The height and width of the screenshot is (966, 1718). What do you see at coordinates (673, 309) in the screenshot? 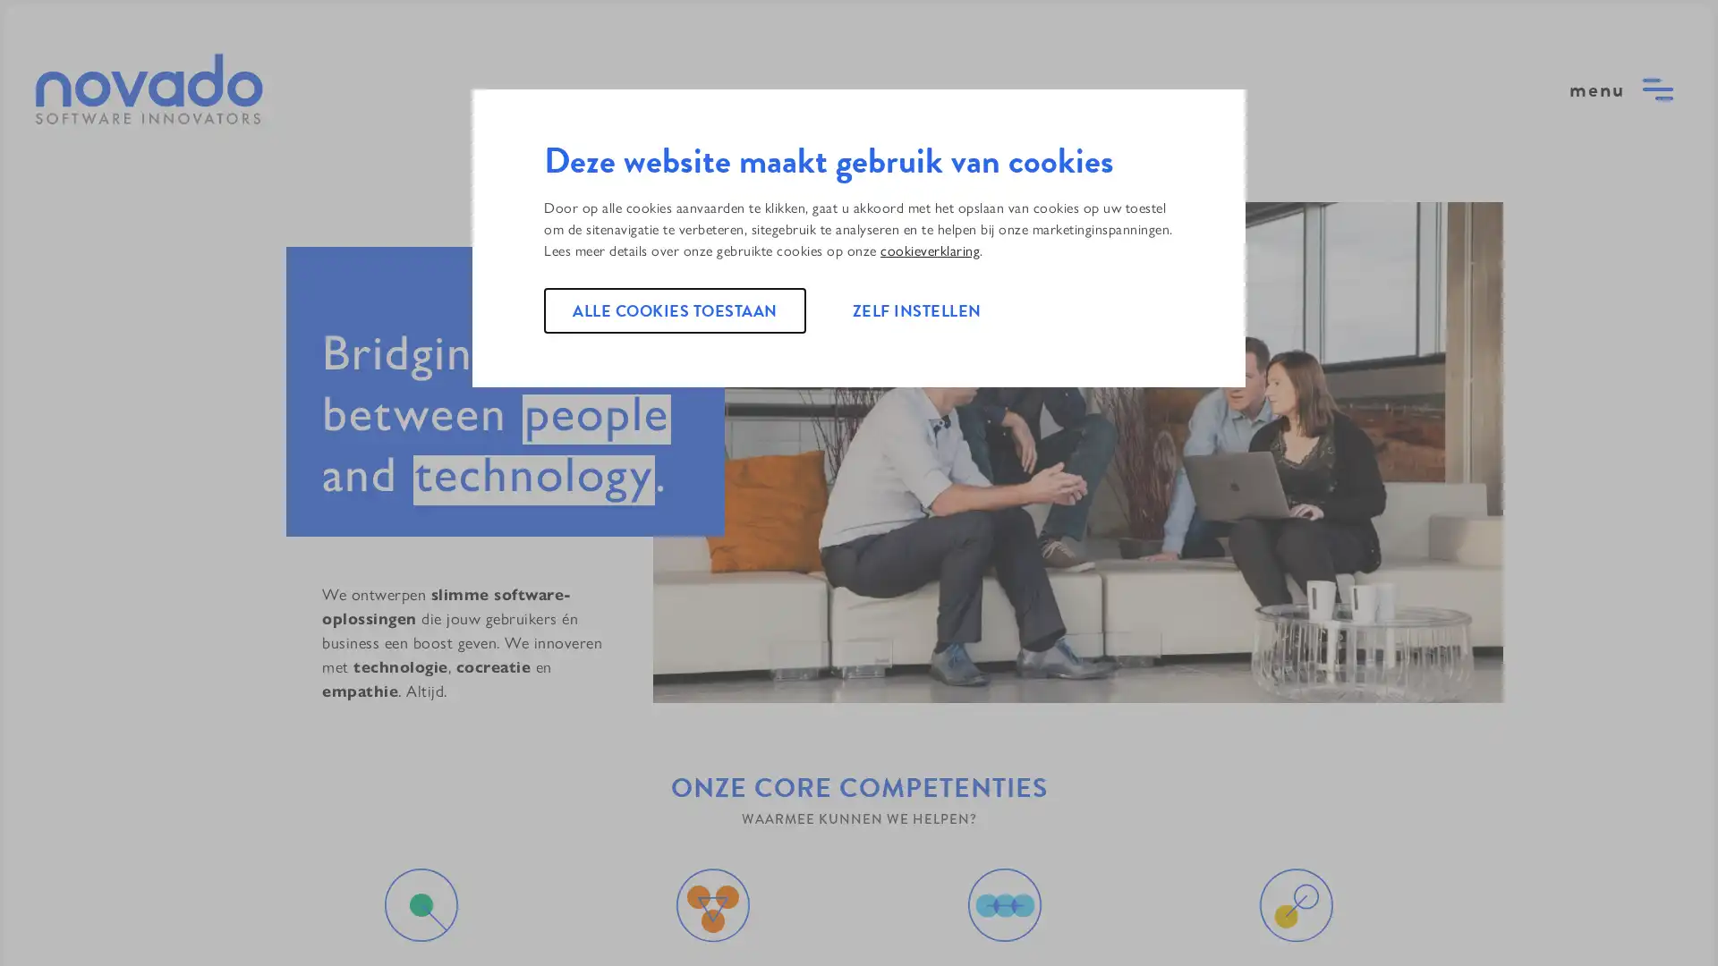
I see `ALLE COOKIES TOESTAAN` at bounding box center [673, 309].